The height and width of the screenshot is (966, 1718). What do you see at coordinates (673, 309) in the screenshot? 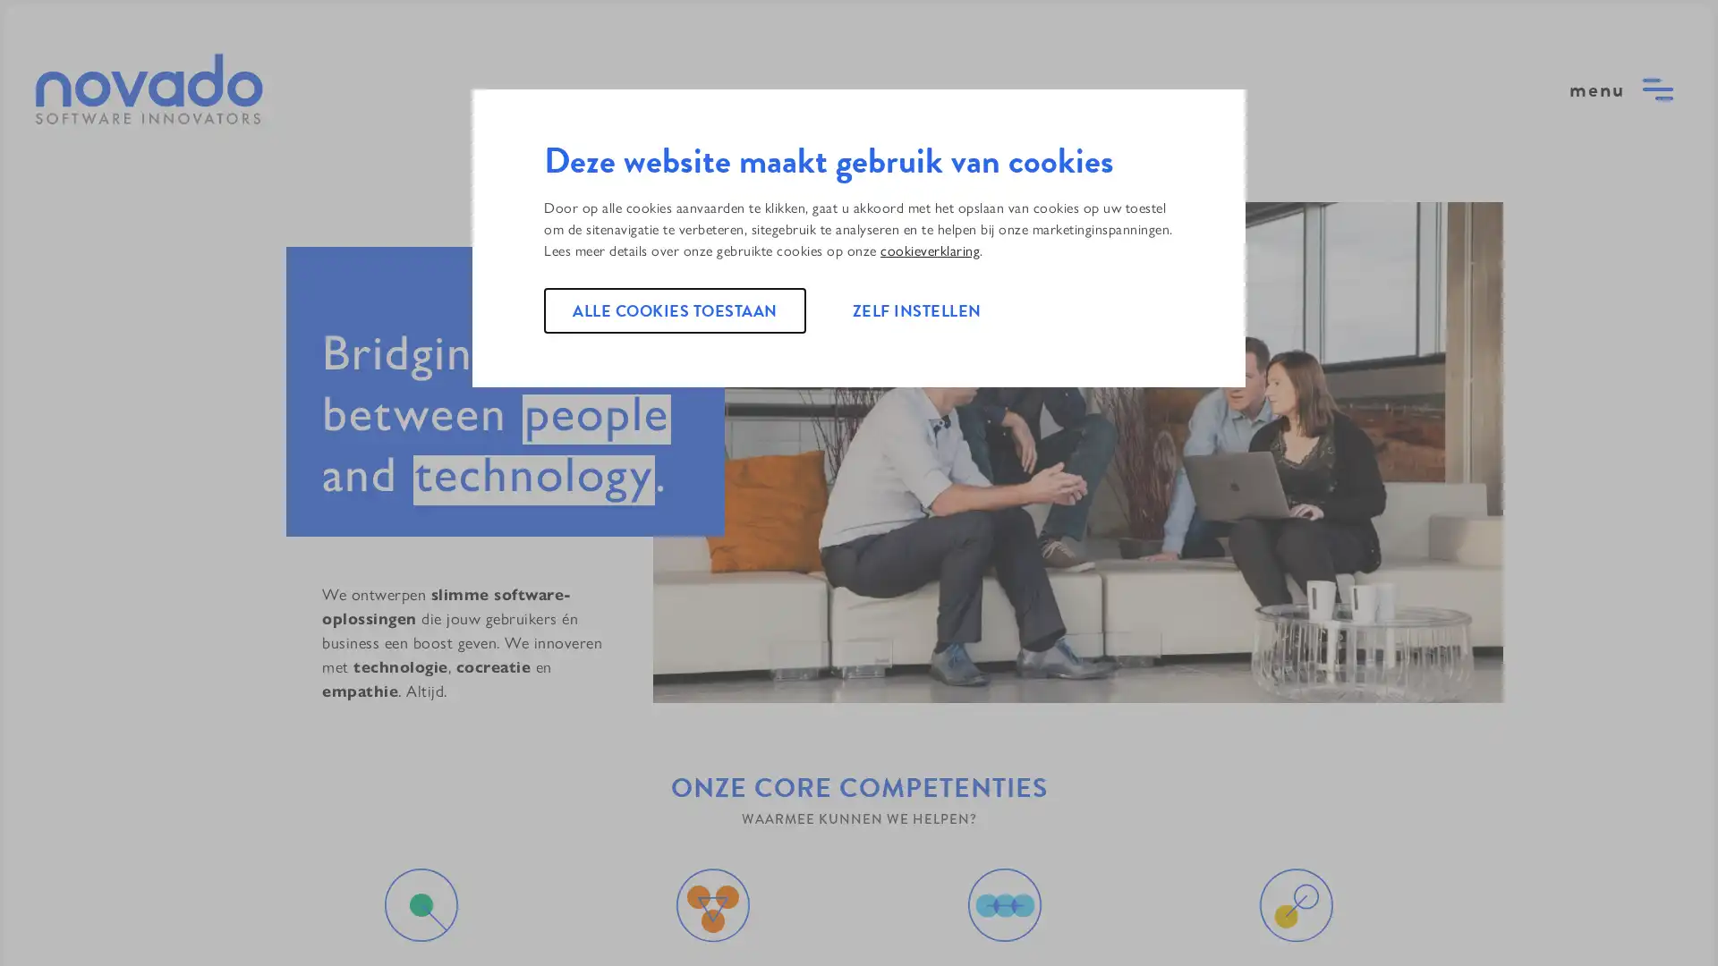
I see `ALLE COOKIES TOESTAAN` at bounding box center [673, 309].